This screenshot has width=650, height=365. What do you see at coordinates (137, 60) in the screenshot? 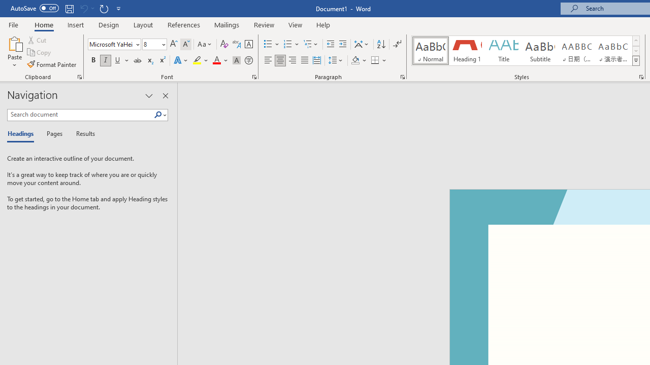
I see `'Strikethrough'` at bounding box center [137, 60].